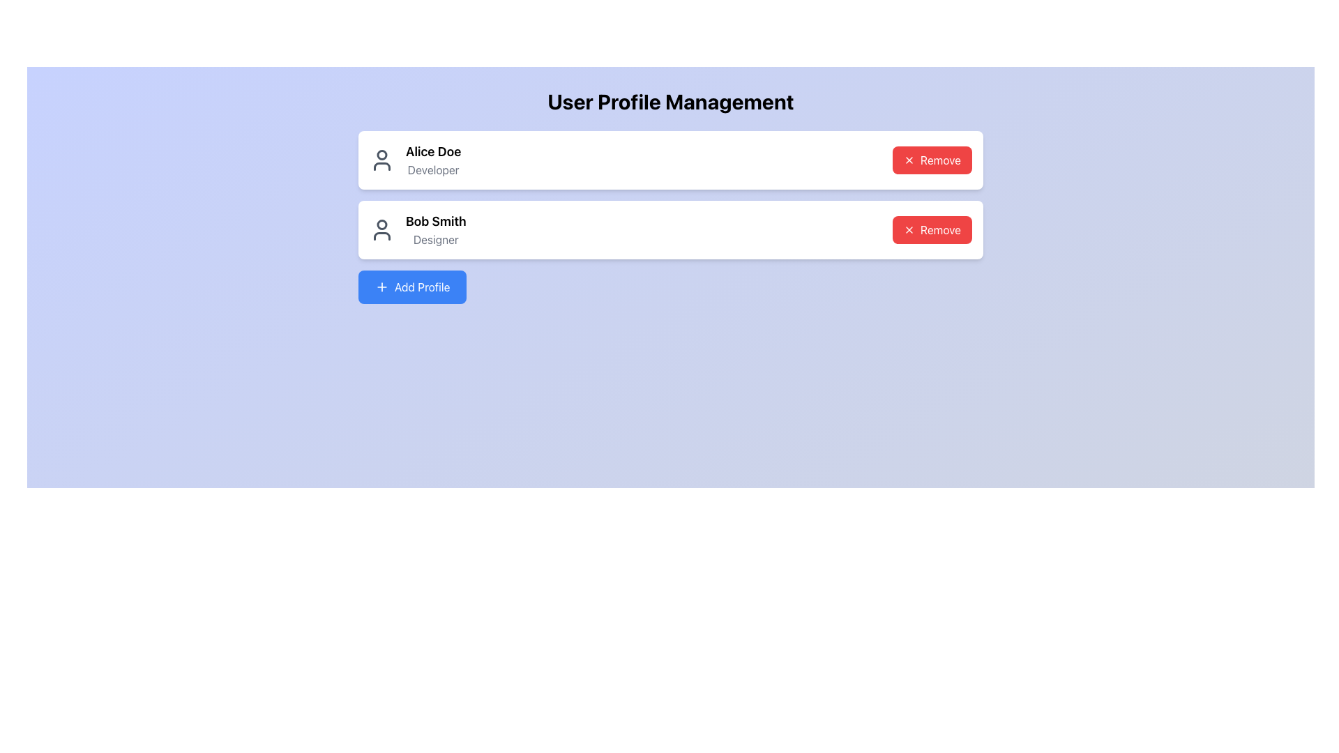 The height and width of the screenshot is (753, 1339). Describe the element at coordinates (381, 229) in the screenshot. I see `the user silhouette icon located to the left of 'Bob Smith' in the user profile area` at that location.